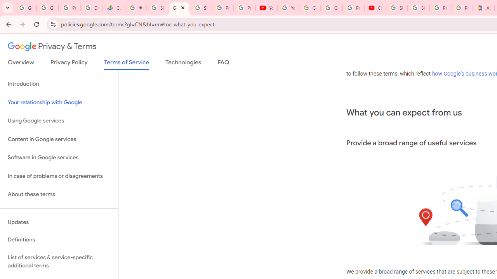 This screenshot has height=279, width=497. What do you see at coordinates (331, 8) in the screenshot?
I see `'Create your Google Account'` at bounding box center [331, 8].